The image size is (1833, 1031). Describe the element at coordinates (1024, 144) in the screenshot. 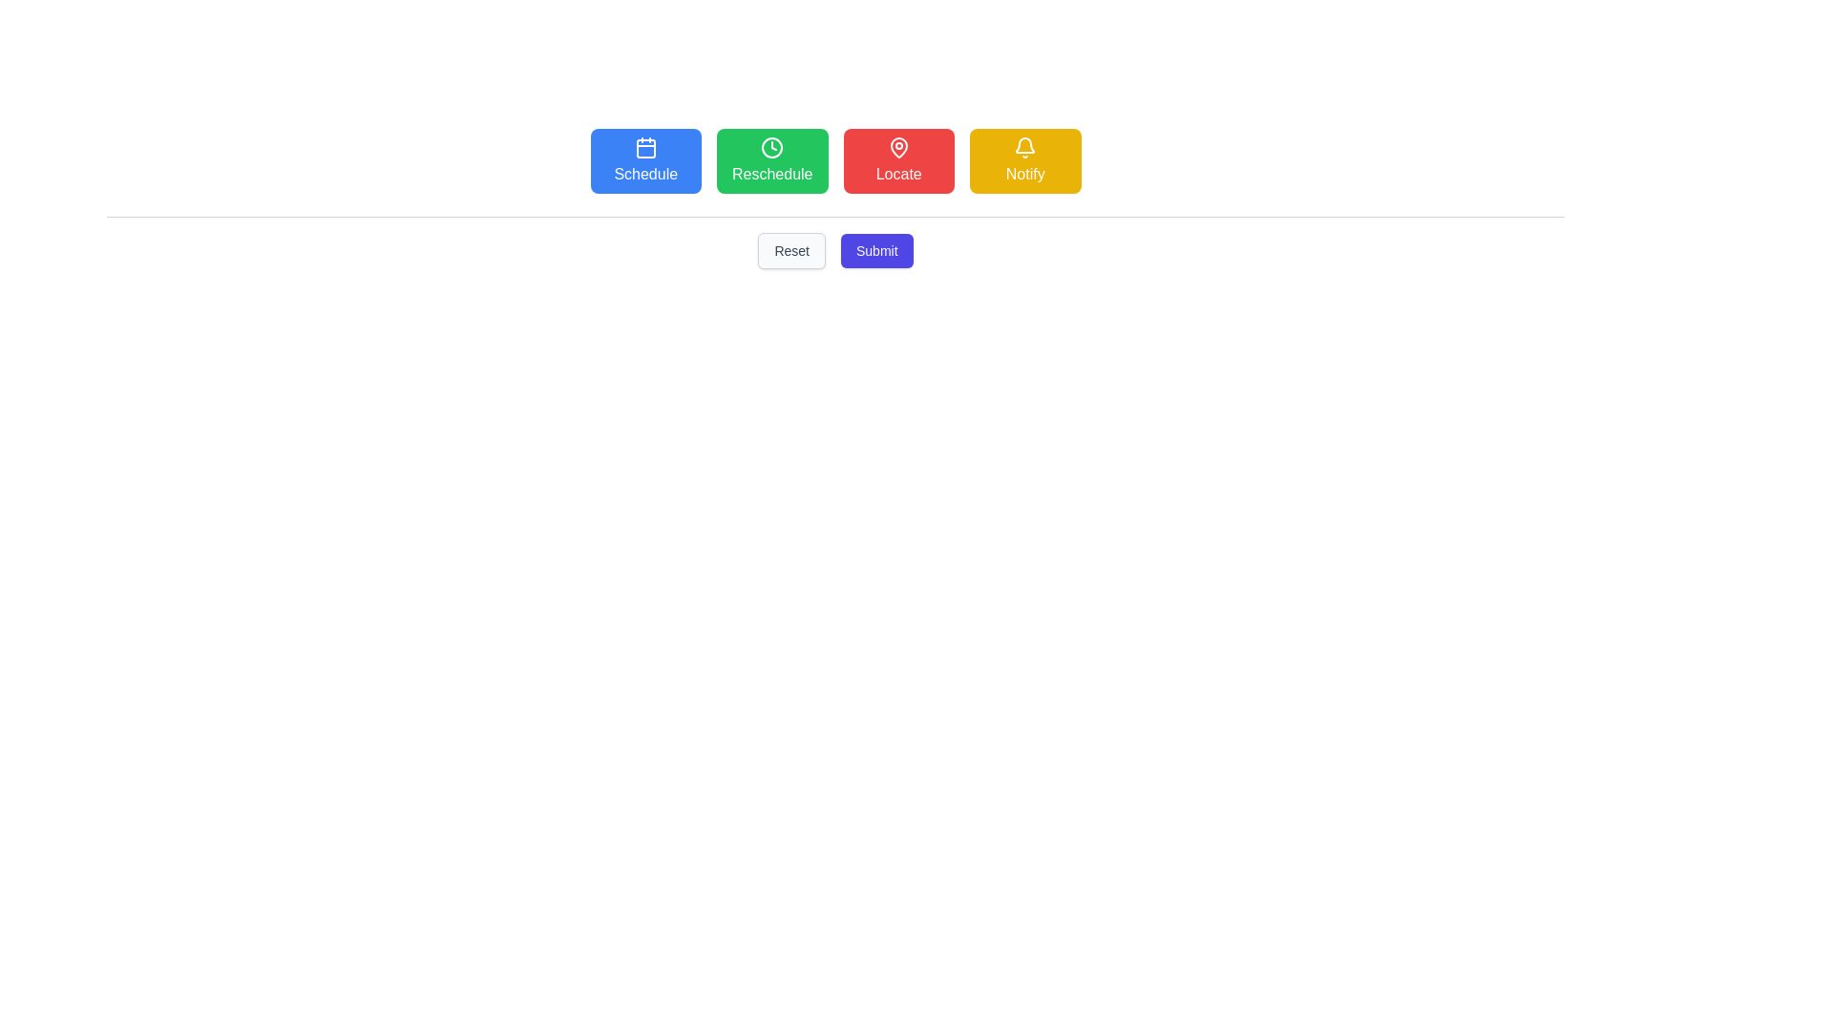

I see `the bell-shaped icon located within the yellow button labeled 'Notify', which is centrally positioned within the button` at that location.